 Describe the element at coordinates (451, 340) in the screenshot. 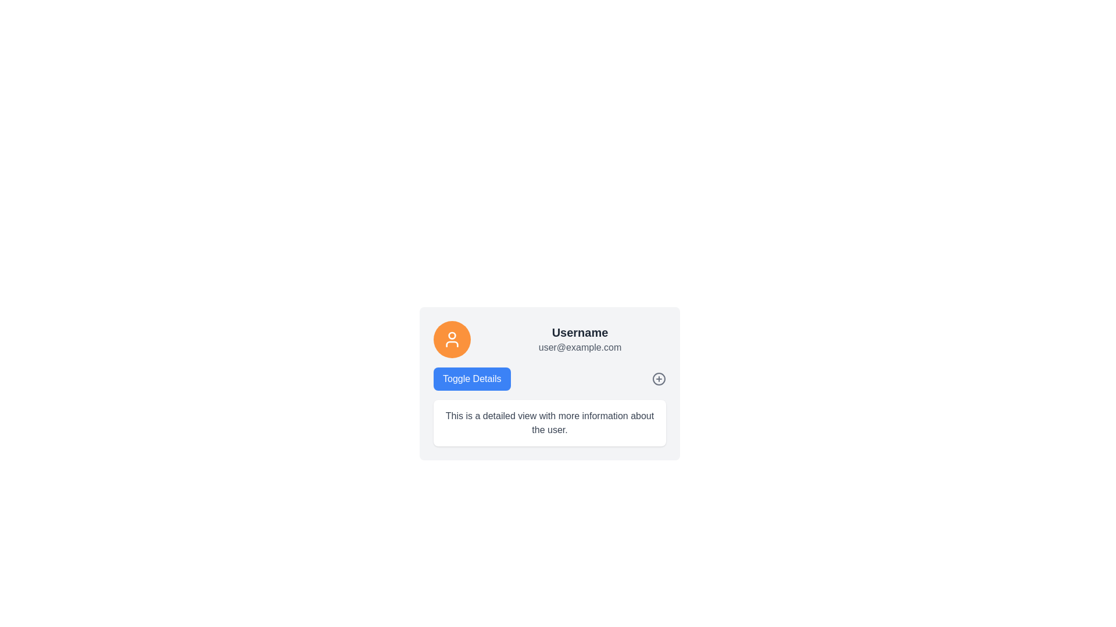

I see `the user icon, which is visually represented inside a circular orange background, centered above the username and email text` at that location.